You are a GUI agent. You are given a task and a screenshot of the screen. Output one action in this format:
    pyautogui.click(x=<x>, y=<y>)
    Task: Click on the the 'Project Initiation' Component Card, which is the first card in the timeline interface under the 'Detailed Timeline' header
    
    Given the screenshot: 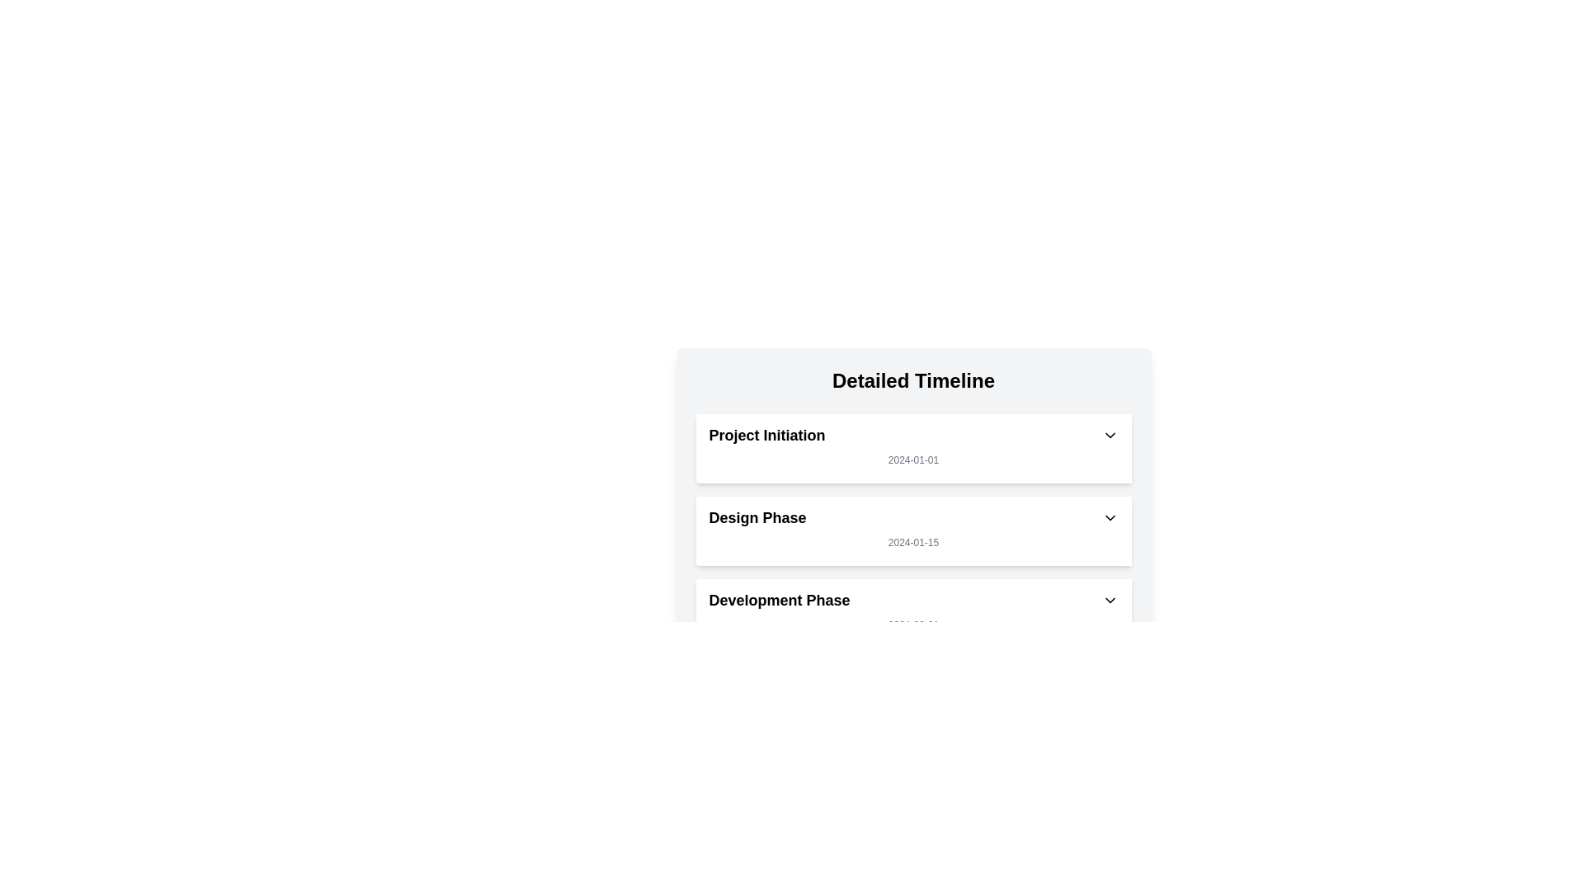 What is the action you would take?
    pyautogui.click(x=912, y=448)
    